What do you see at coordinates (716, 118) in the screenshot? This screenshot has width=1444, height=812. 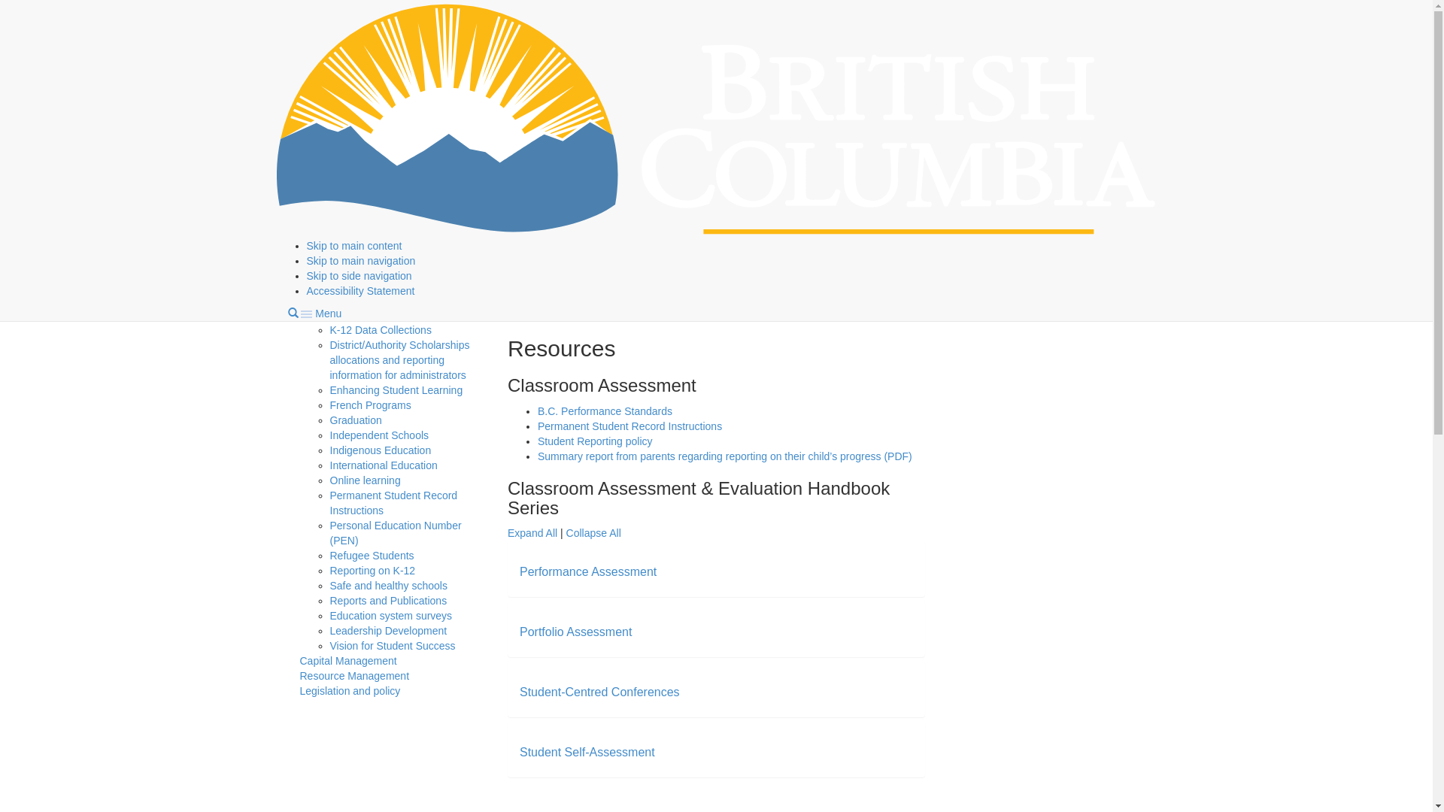 I see `'Government of B.C.'` at bounding box center [716, 118].